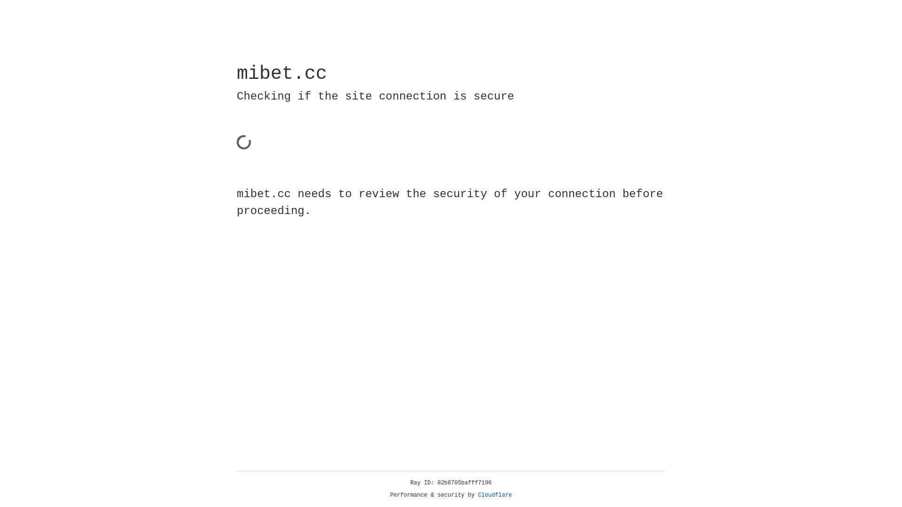  I want to click on 'Cloudflare', so click(478, 495).